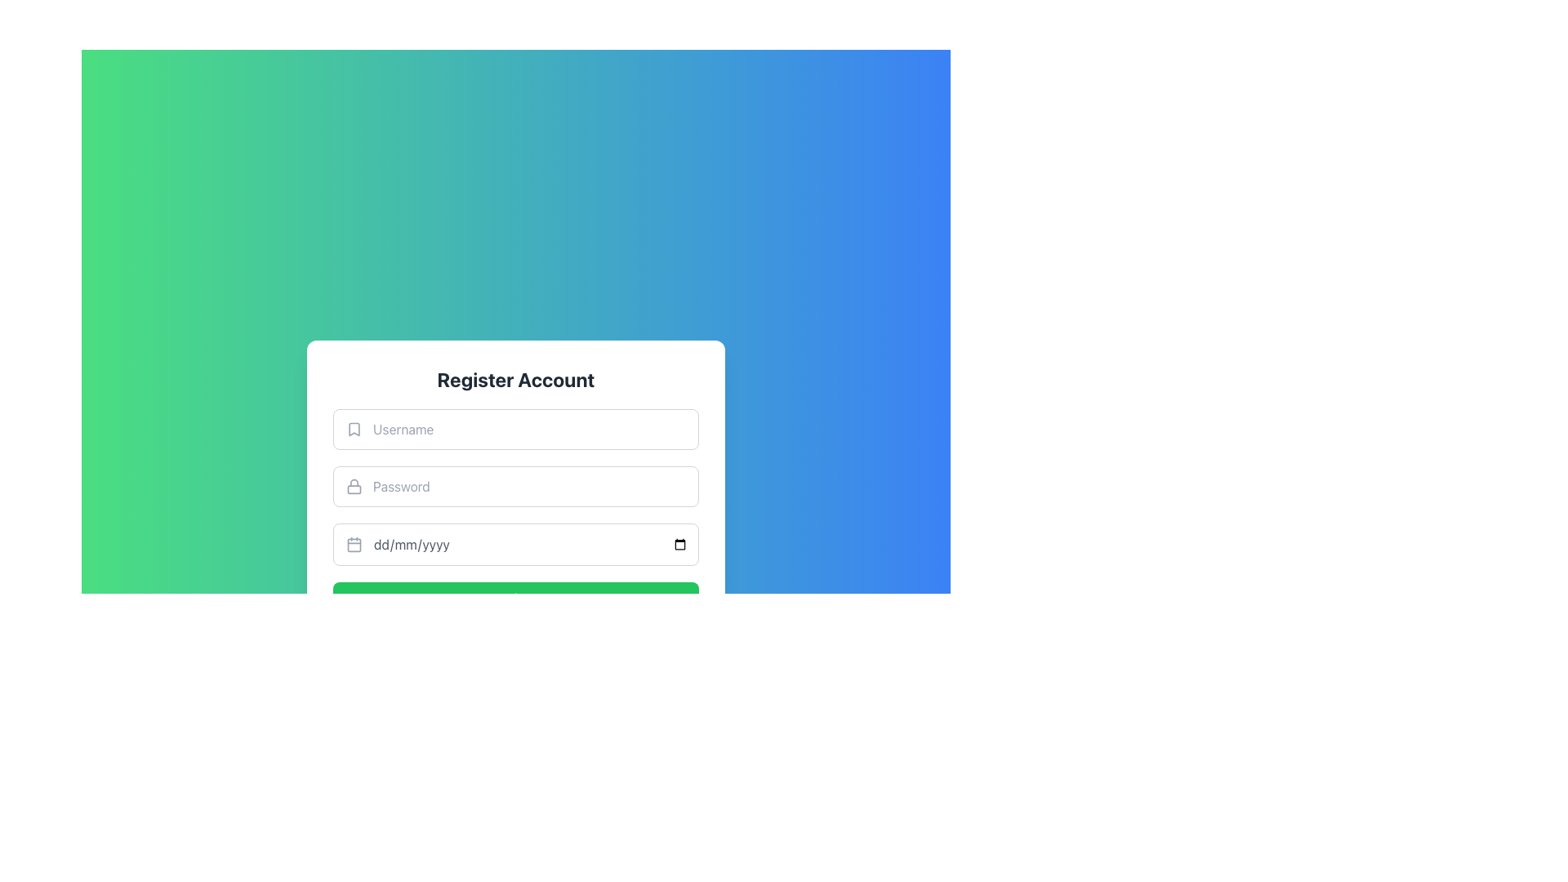 The width and height of the screenshot is (1568, 882). Describe the element at coordinates (353, 428) in the screenshot. I see `the decorative icon associated with the 'Username' input field in the 'Register Account' form` at that location.